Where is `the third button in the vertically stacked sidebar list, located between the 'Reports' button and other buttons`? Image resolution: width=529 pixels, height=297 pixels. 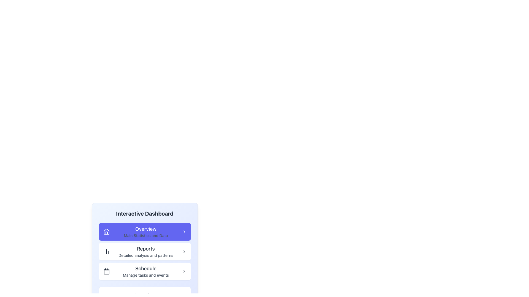
the third button in the vertically stacked sidebar list, located between the 'Reports' button and other buttons is located at coordinates (145, 271).